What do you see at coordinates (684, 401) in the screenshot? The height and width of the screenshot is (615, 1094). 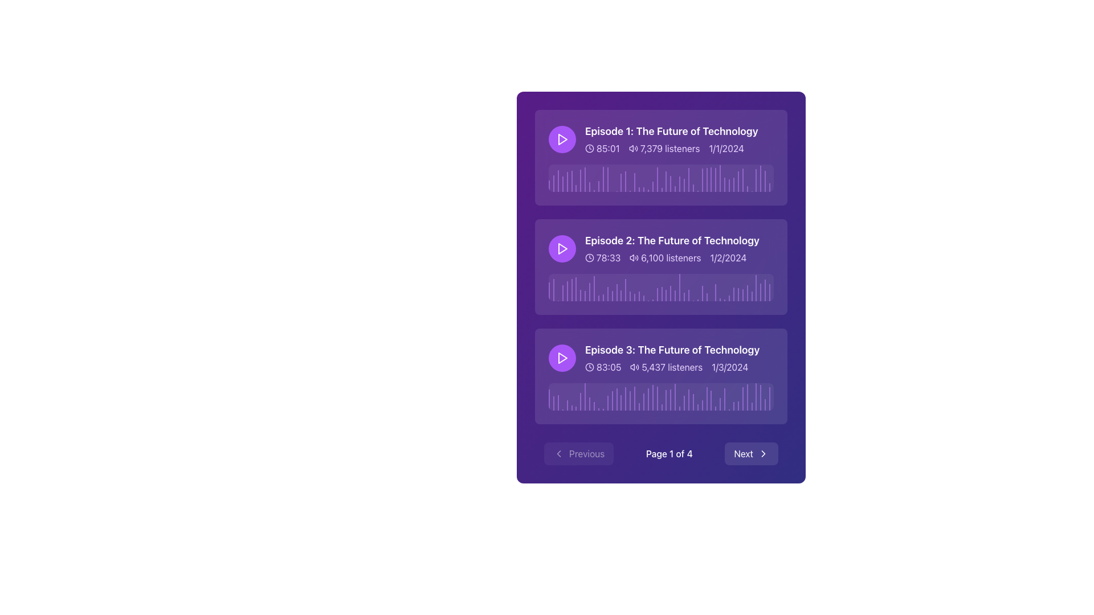 I see `the graphical indicator, which serves as a visual representation of a specific segment in the waveform, located as the 30th bar from the left` at bounding box center [684, 401].